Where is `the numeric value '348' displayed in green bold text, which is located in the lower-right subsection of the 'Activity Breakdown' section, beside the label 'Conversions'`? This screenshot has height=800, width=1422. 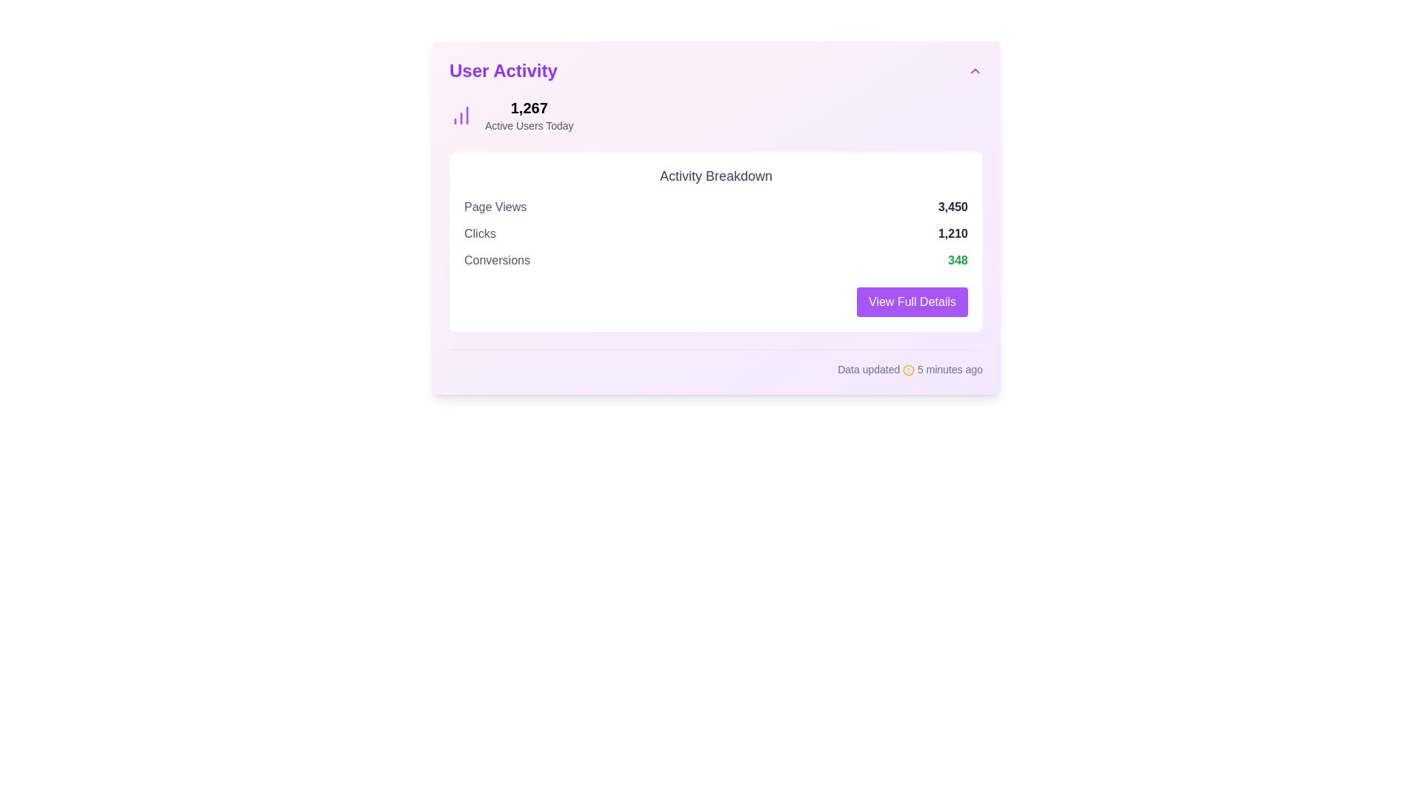
the numeric value '348' displayed in green bold text, which is located in the lower-right subsection of the 'Activity Breakdown' section, beside the label 'Conversions' is located at coordinates (958, 259).